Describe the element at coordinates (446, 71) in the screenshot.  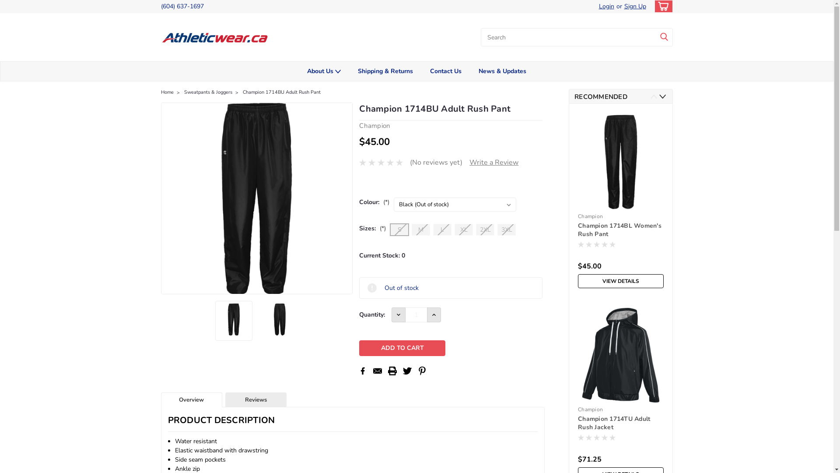
I see `'Contact Us'` at that location.